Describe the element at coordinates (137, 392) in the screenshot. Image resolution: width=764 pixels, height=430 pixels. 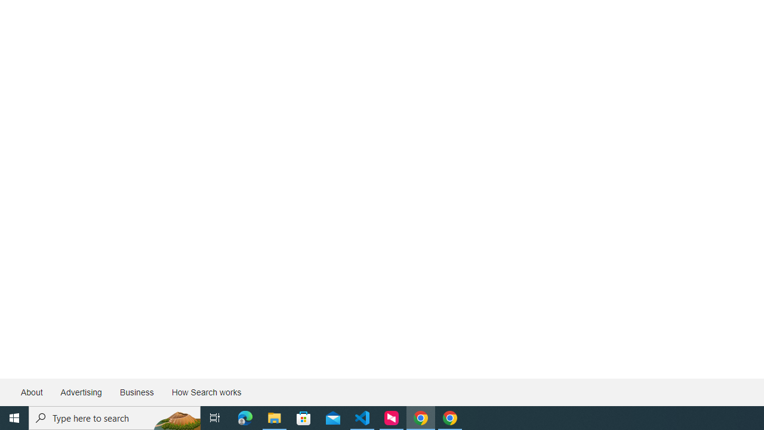
I see `'Business'` at that location.